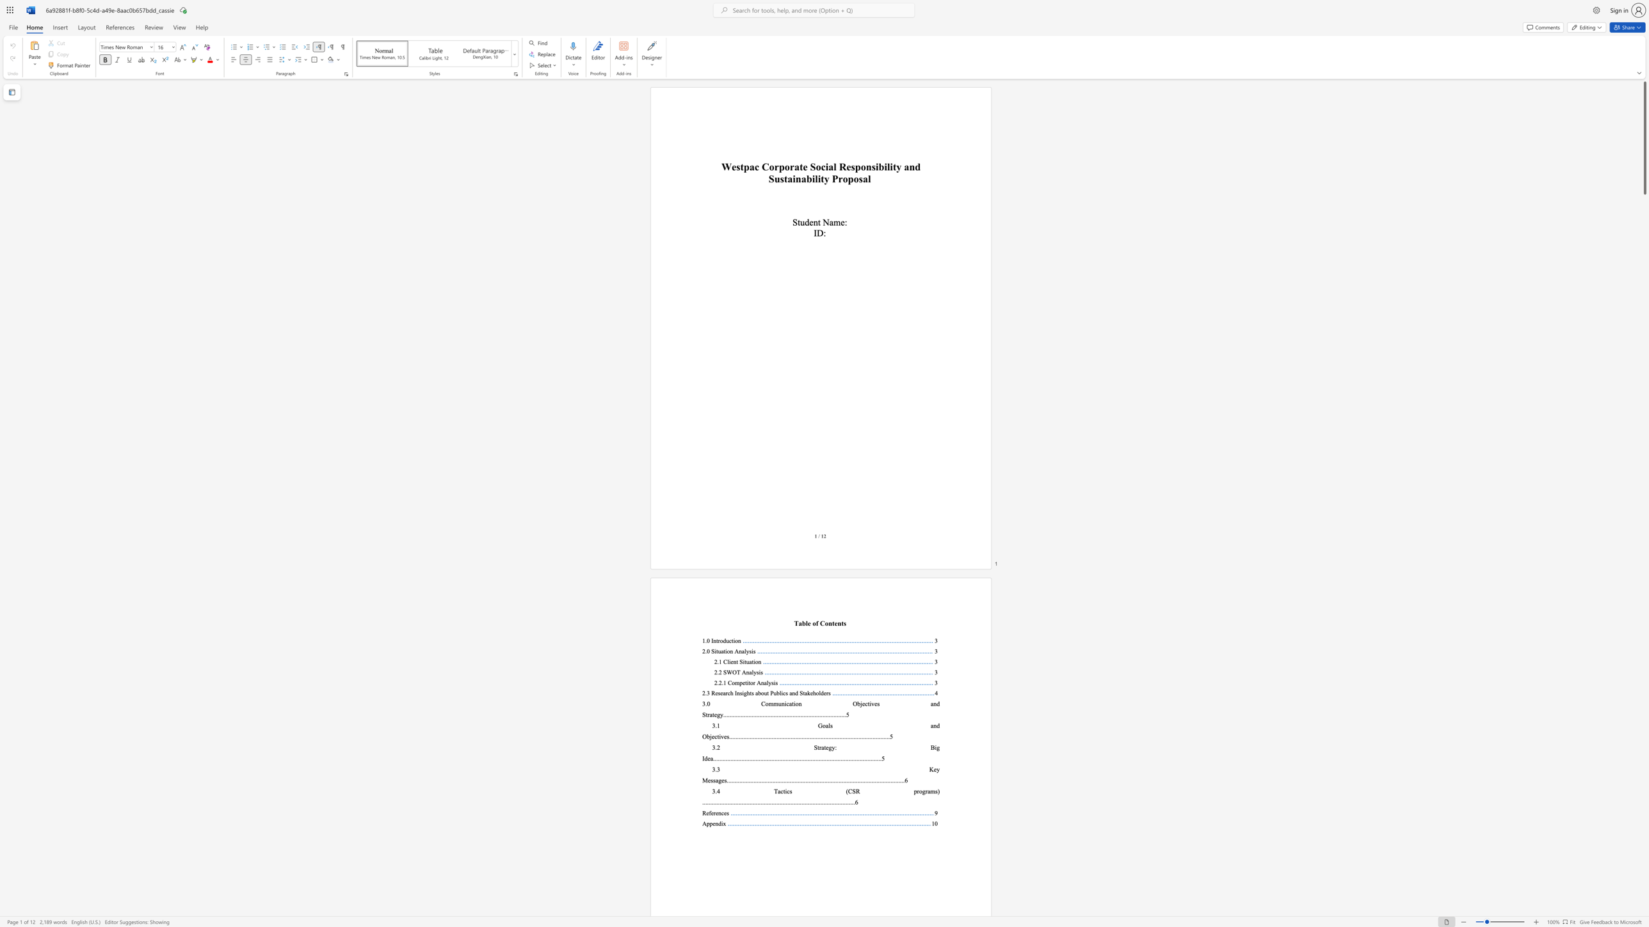 This screenshot has height=927, width=1649. What do you see at coordinates (760, 780) in the screenshot?
I see `the 22th character "." in the text` at bounding box center [760, 780].